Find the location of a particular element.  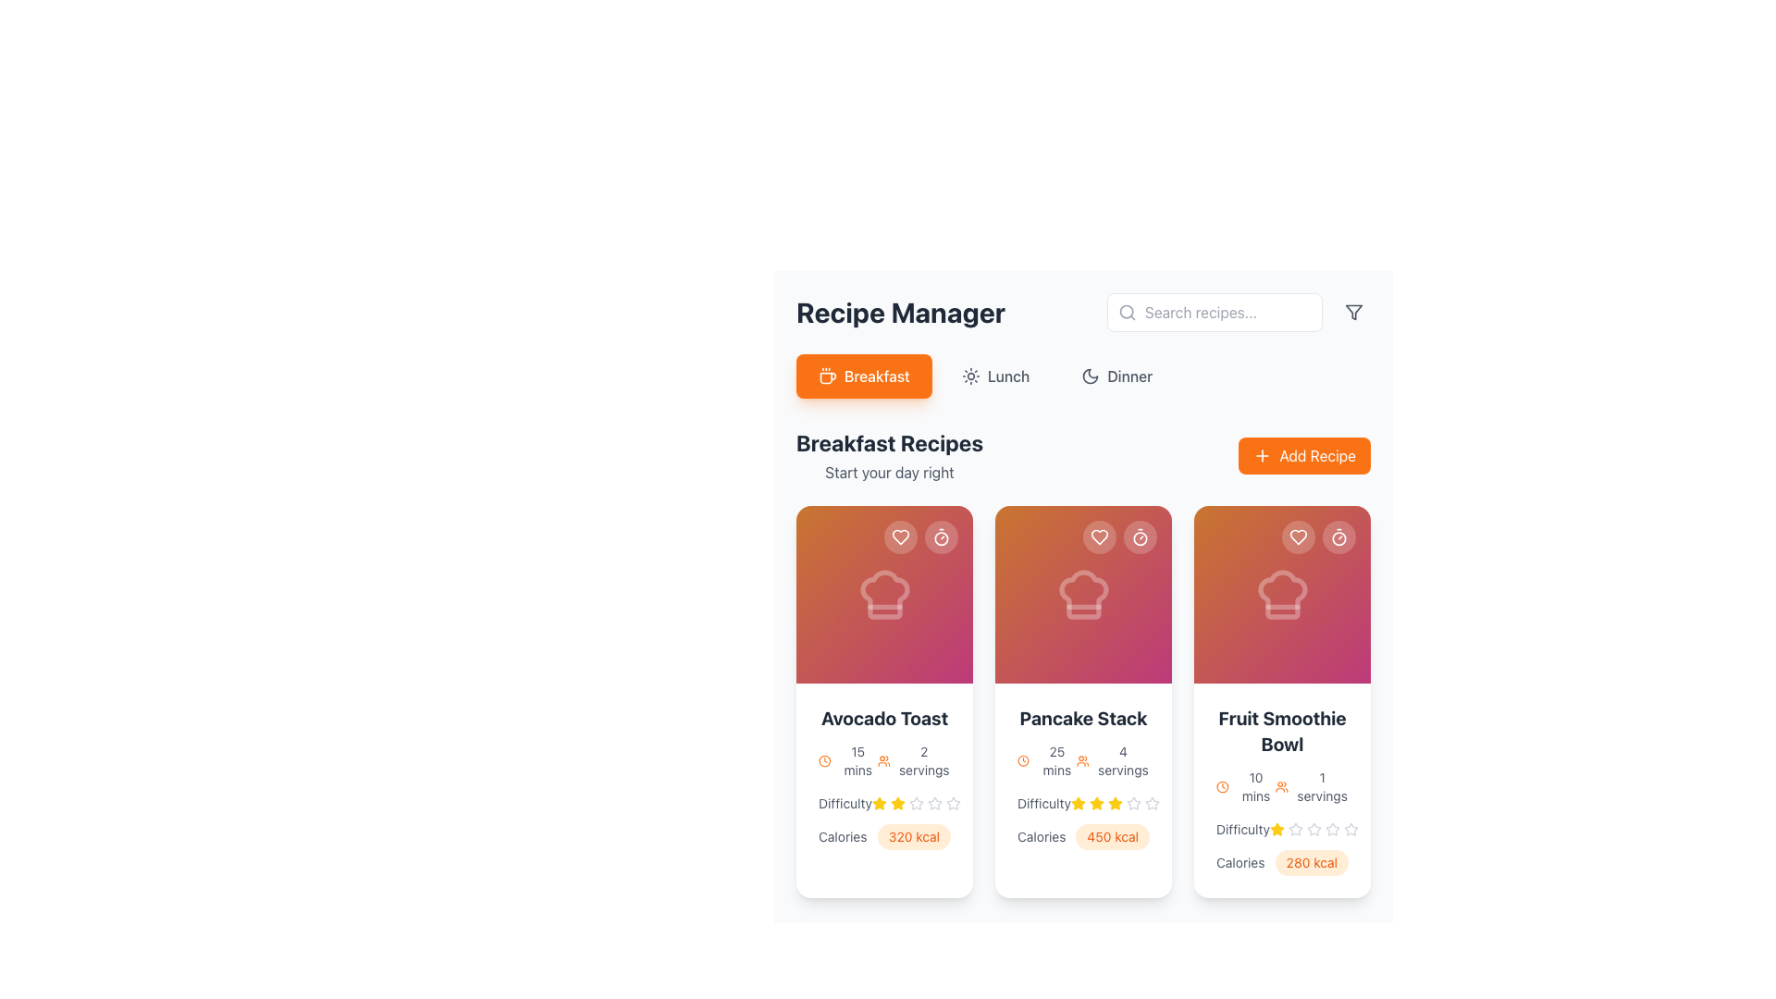

the third button in the horizontal set under 'Recipe Manager' is located at coordinates (1116, 376).